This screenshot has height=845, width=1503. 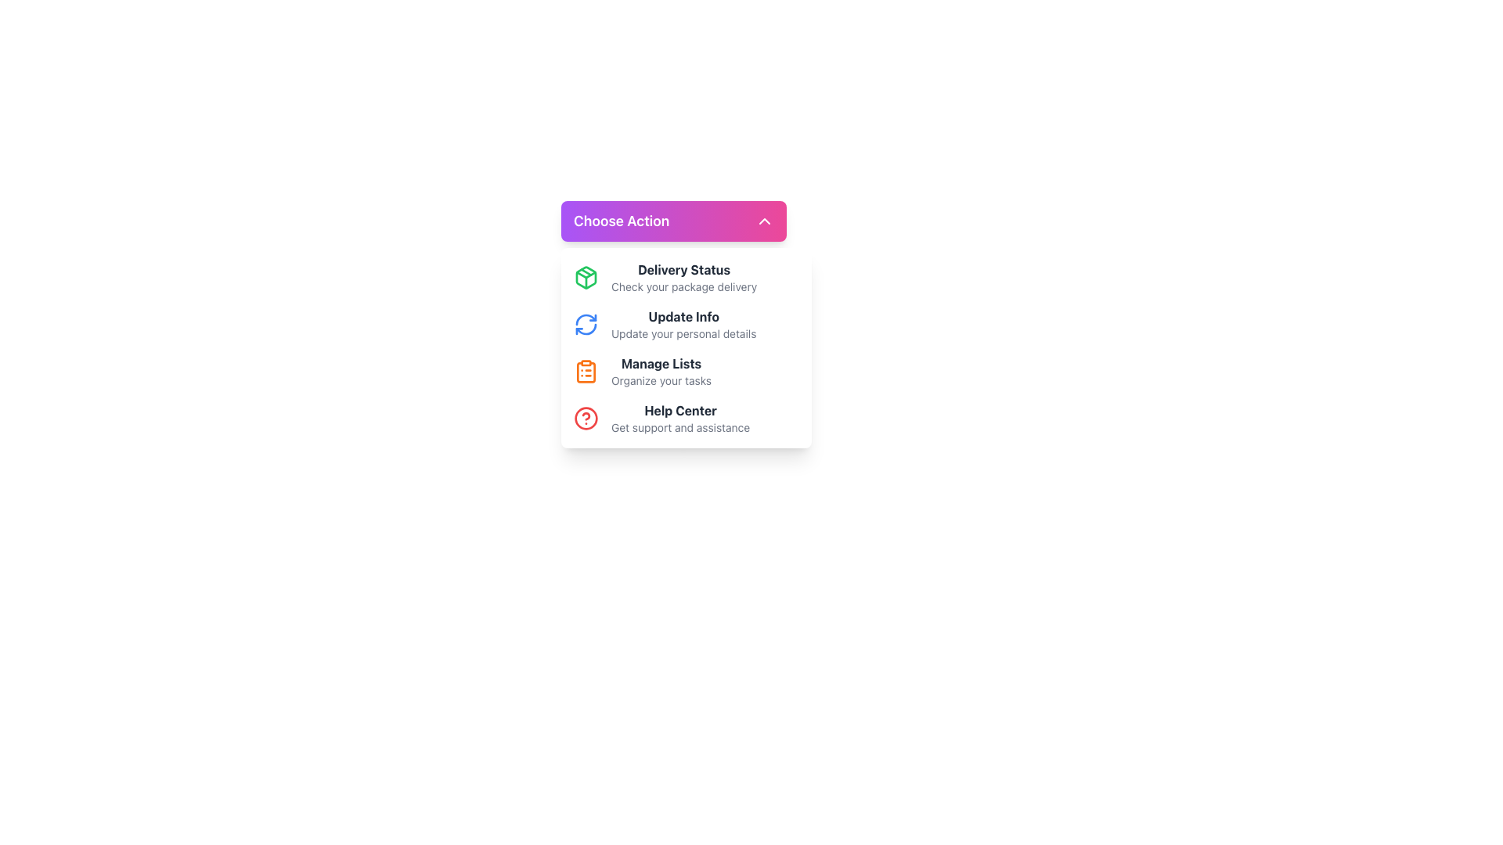 What do you see at coordinates (673, 221) in the screenshot?
I see `the Dropdown toggle button labeled 'Choose Action' with a gradient background` at bounding box center [673, 221].